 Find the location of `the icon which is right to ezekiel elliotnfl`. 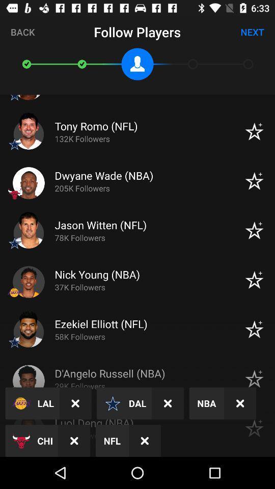

the icon which is right to ezekiel elliotnfl is located at coordinates (254, 329).